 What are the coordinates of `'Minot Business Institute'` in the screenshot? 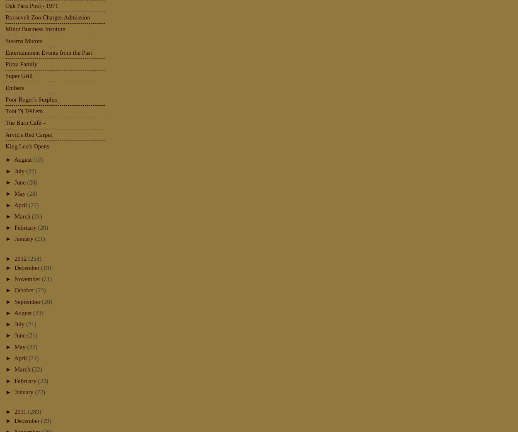 It's located at (5, 29).